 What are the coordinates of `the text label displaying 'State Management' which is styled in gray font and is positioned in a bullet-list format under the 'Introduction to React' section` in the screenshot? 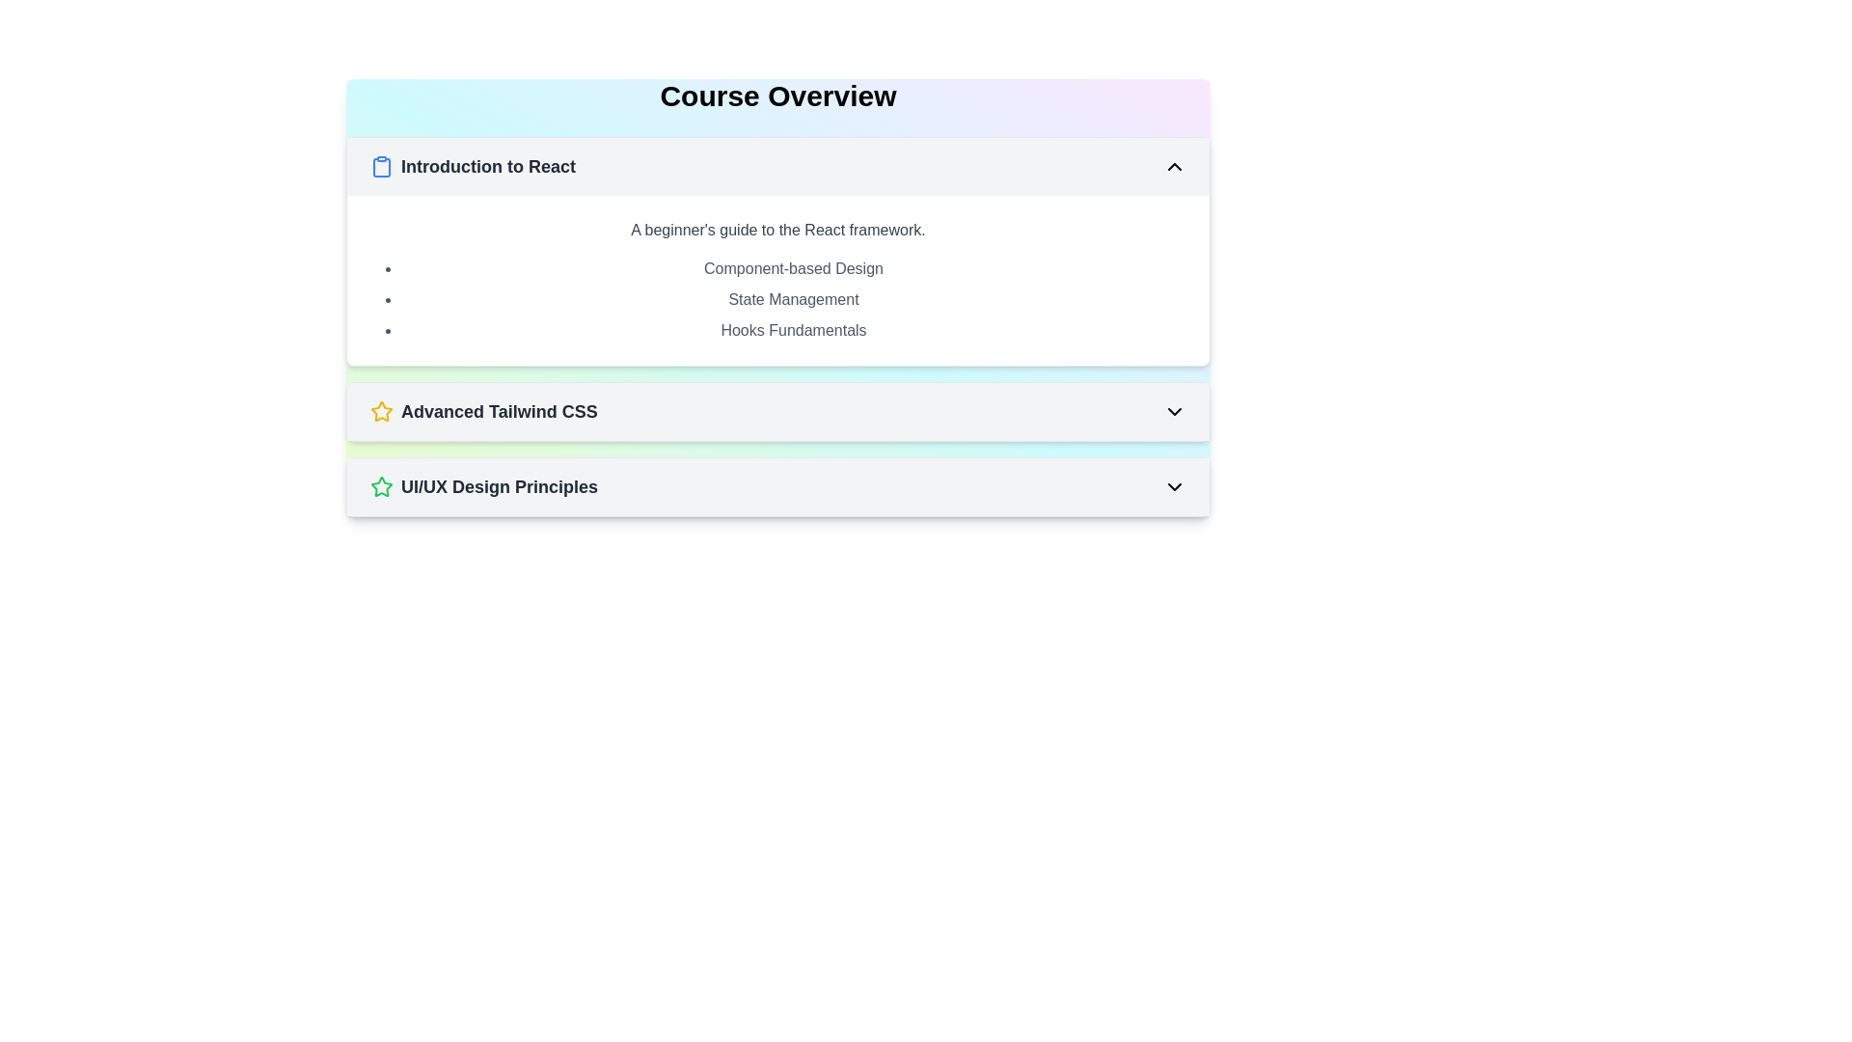 It's located at (793, 300).